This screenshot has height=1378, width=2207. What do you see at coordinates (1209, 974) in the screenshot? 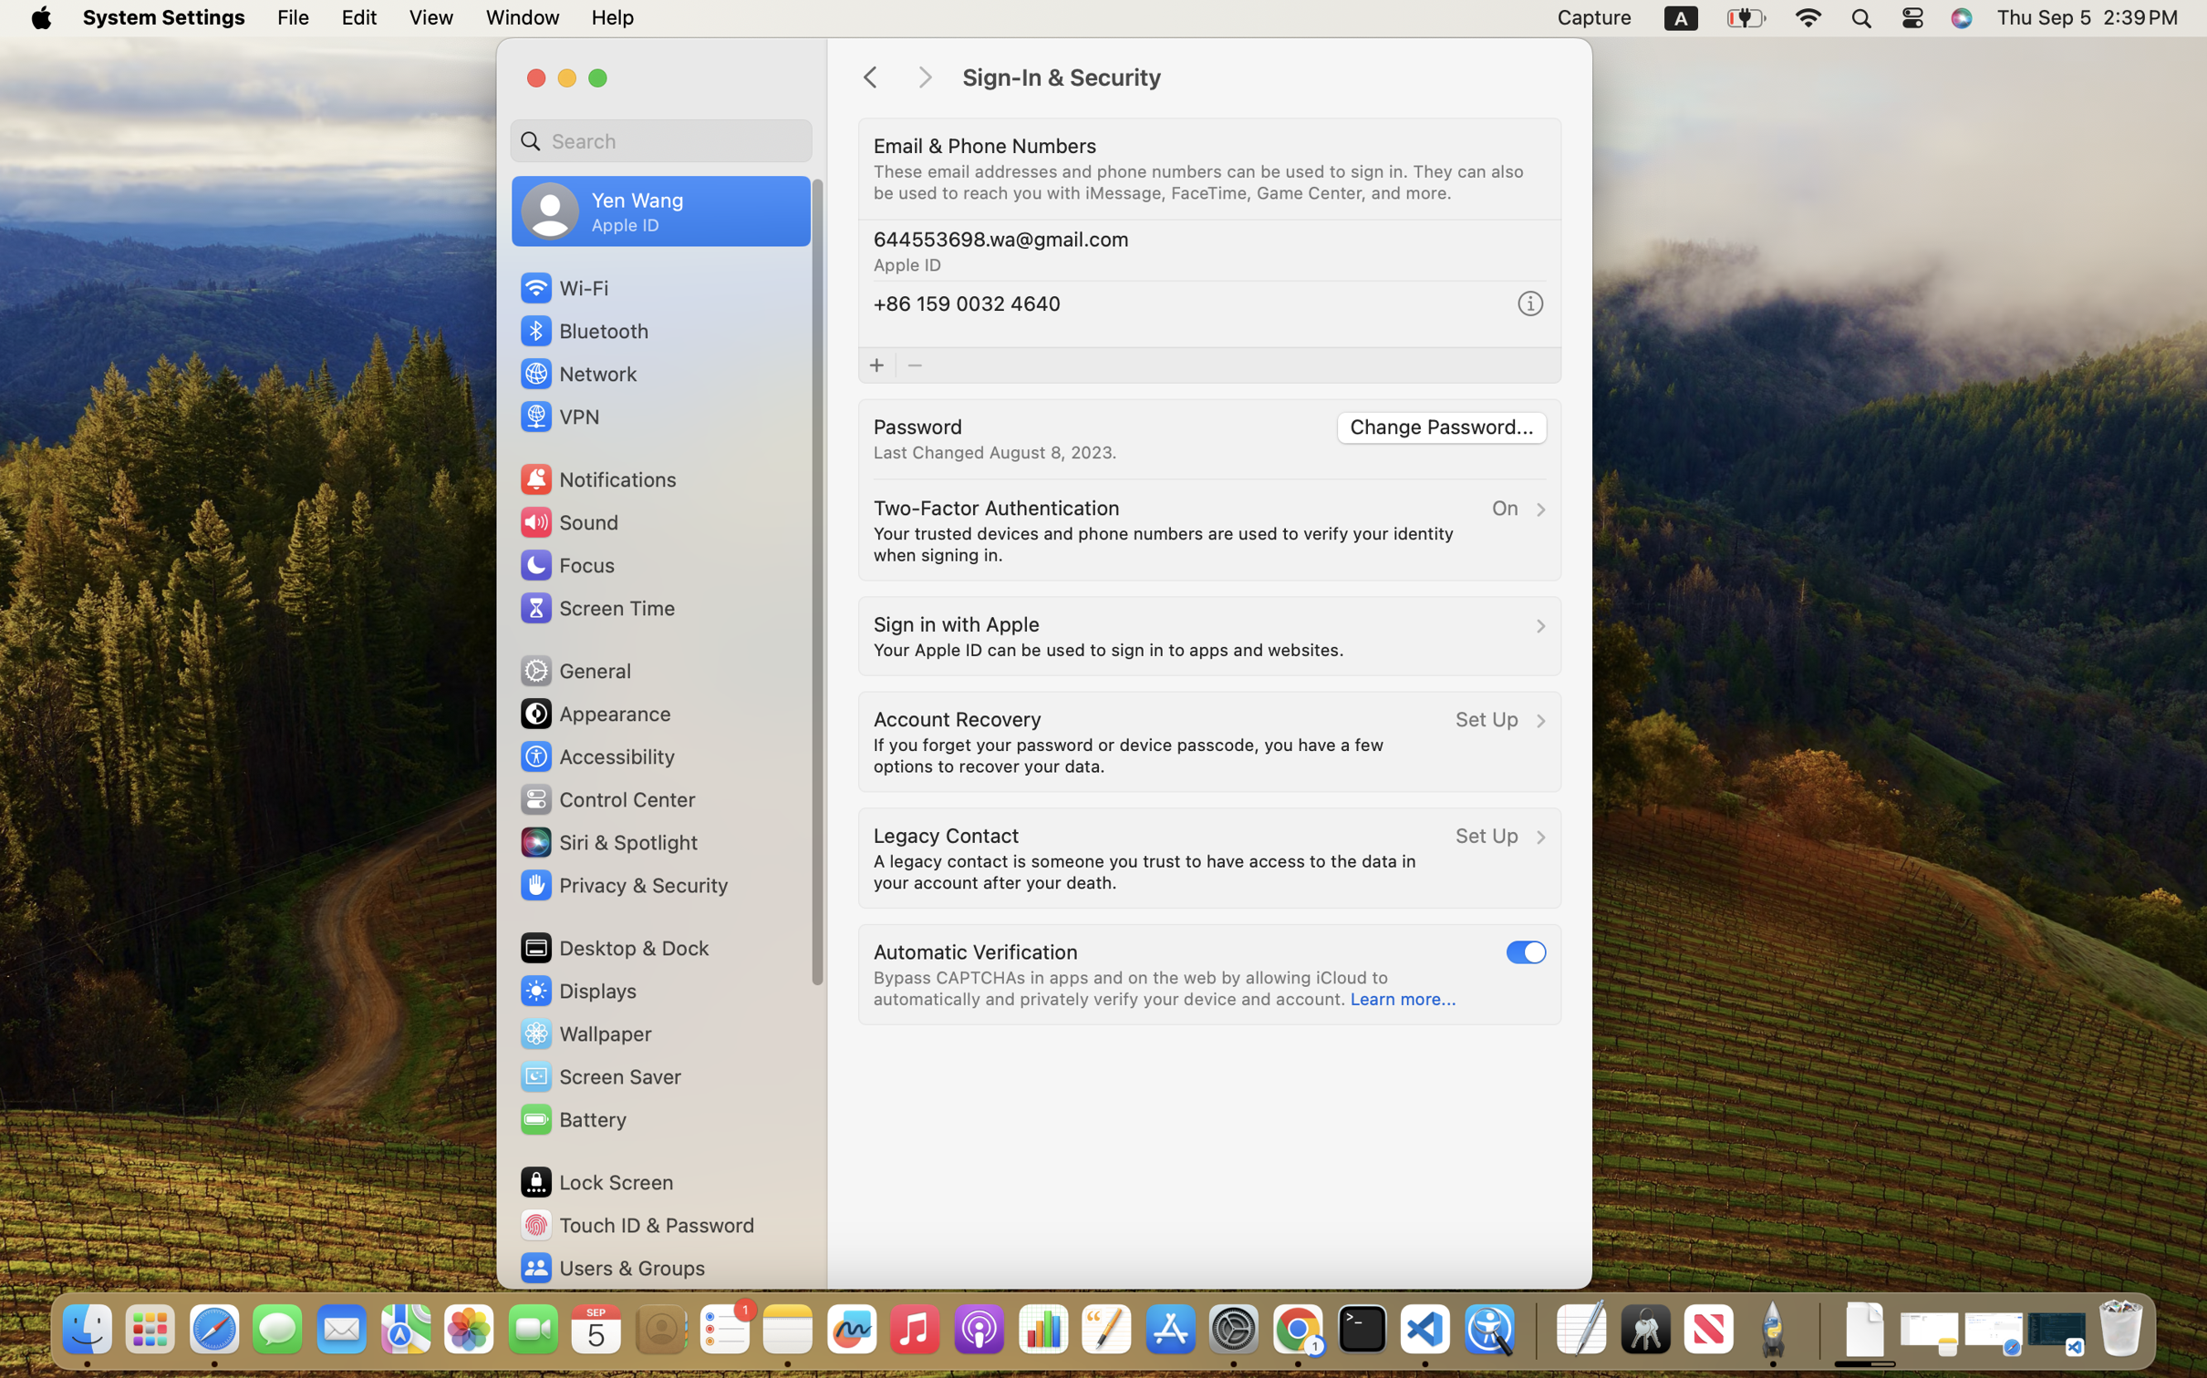
I see `'Bypass CAPTCHAs in apps and on the web by allowing iCloud to automatically and privately verify your device and account. Learn more... Automatic Verification'` at bounding box center [1209, 974].